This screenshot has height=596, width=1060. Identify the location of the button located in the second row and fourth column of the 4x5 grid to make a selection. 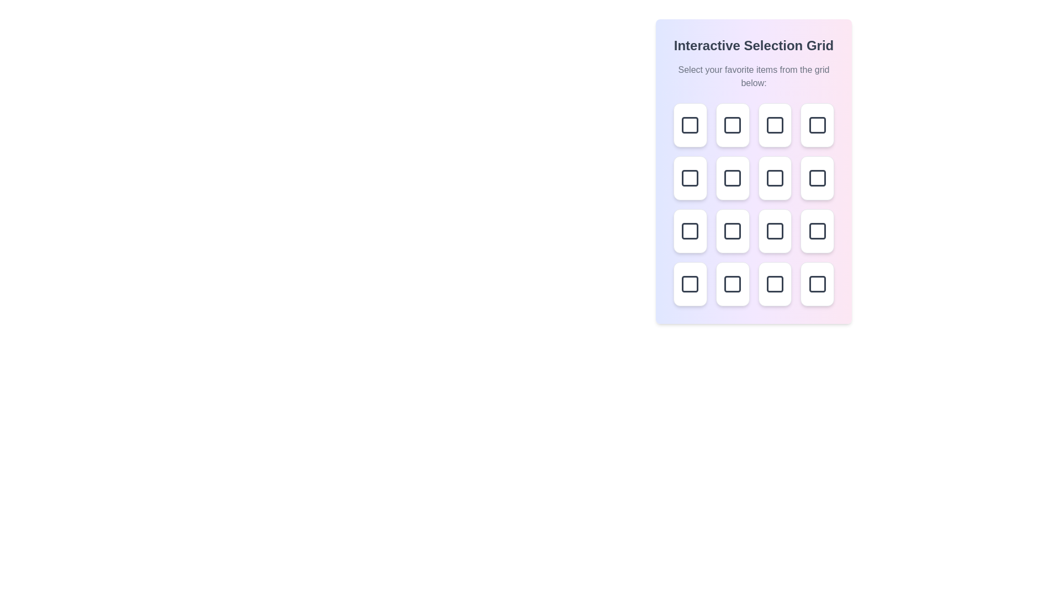
(817, 178).